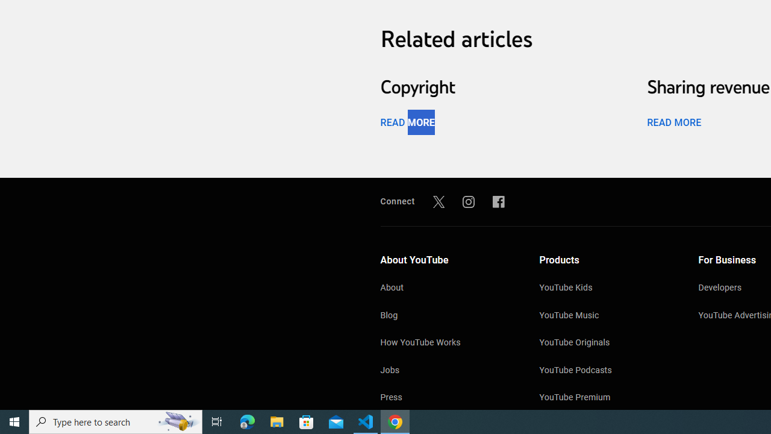 Image resolution: width=771 pixels, height=434 pixels. I want to click on 'YouTube Podcasts', so click(607, 371).